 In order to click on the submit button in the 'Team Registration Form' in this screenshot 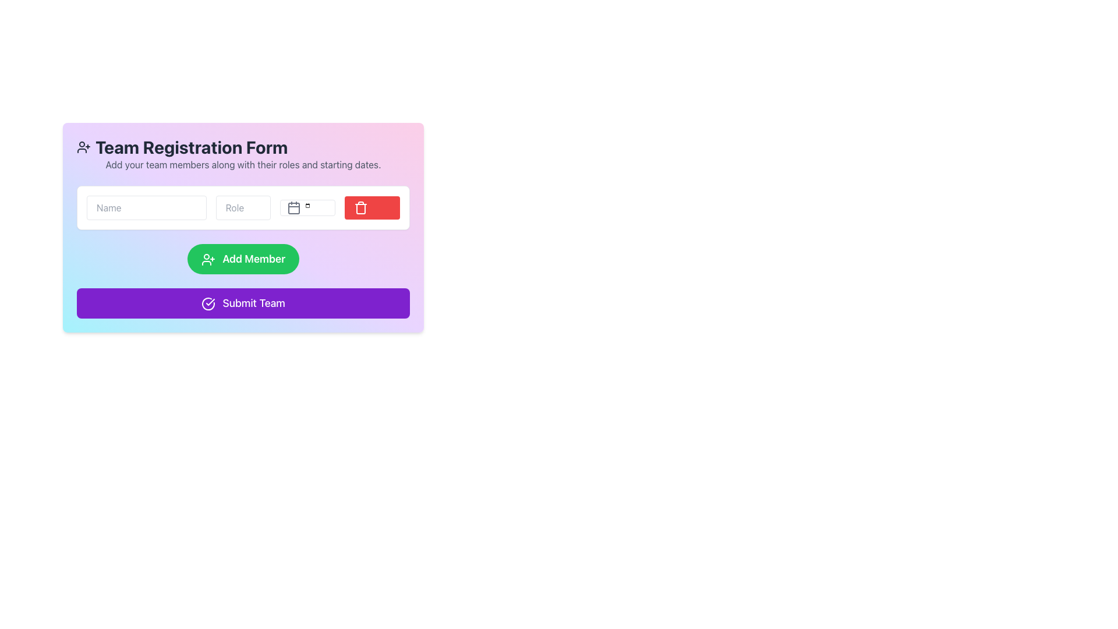, I will do `click(242, 302)`.